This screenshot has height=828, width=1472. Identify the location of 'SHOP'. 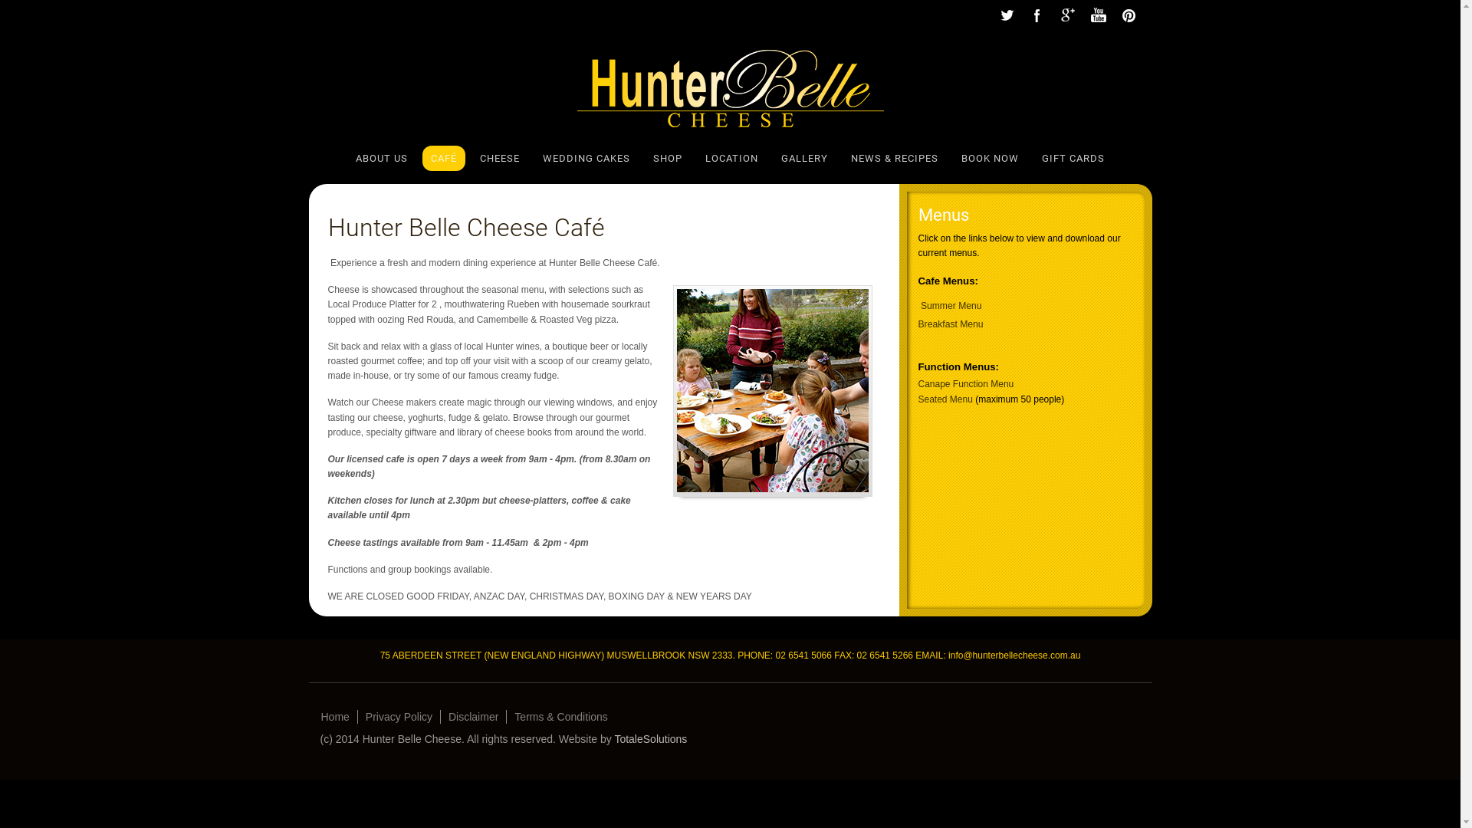
(667, 158).